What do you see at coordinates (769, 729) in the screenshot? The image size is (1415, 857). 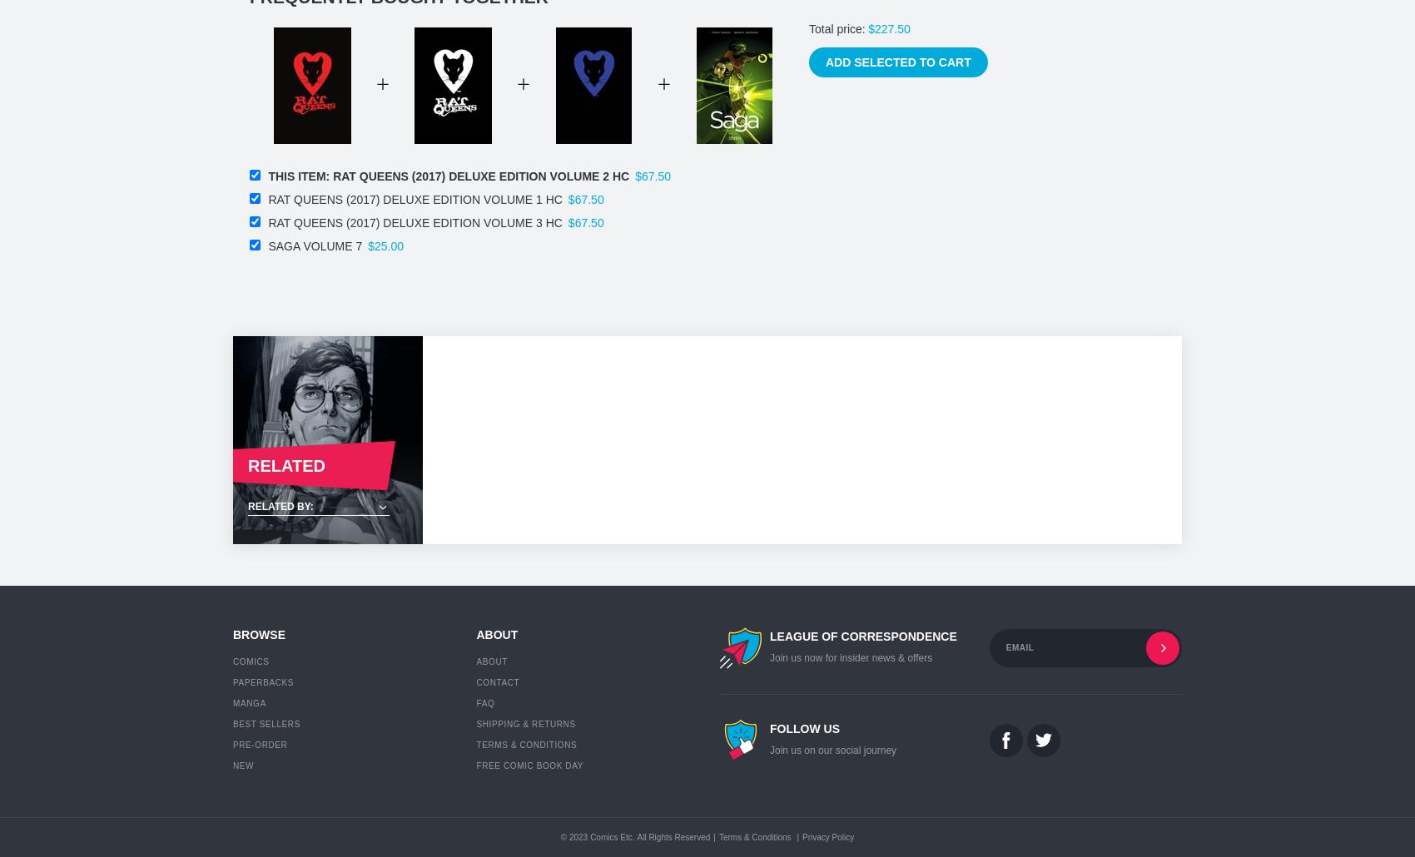 I see `'Follow Us'` at bounding box center [769, 729].